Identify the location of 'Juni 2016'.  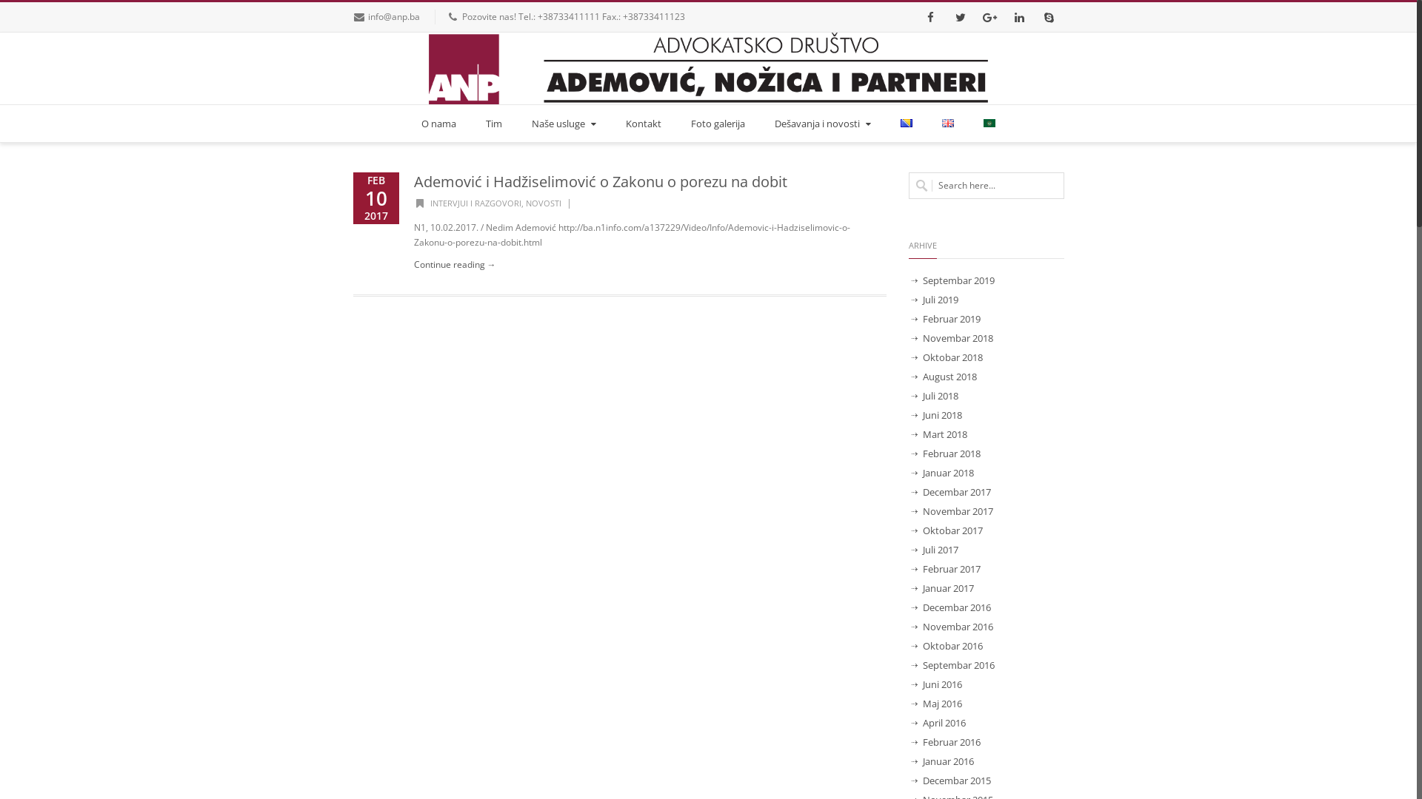
(936, 684).